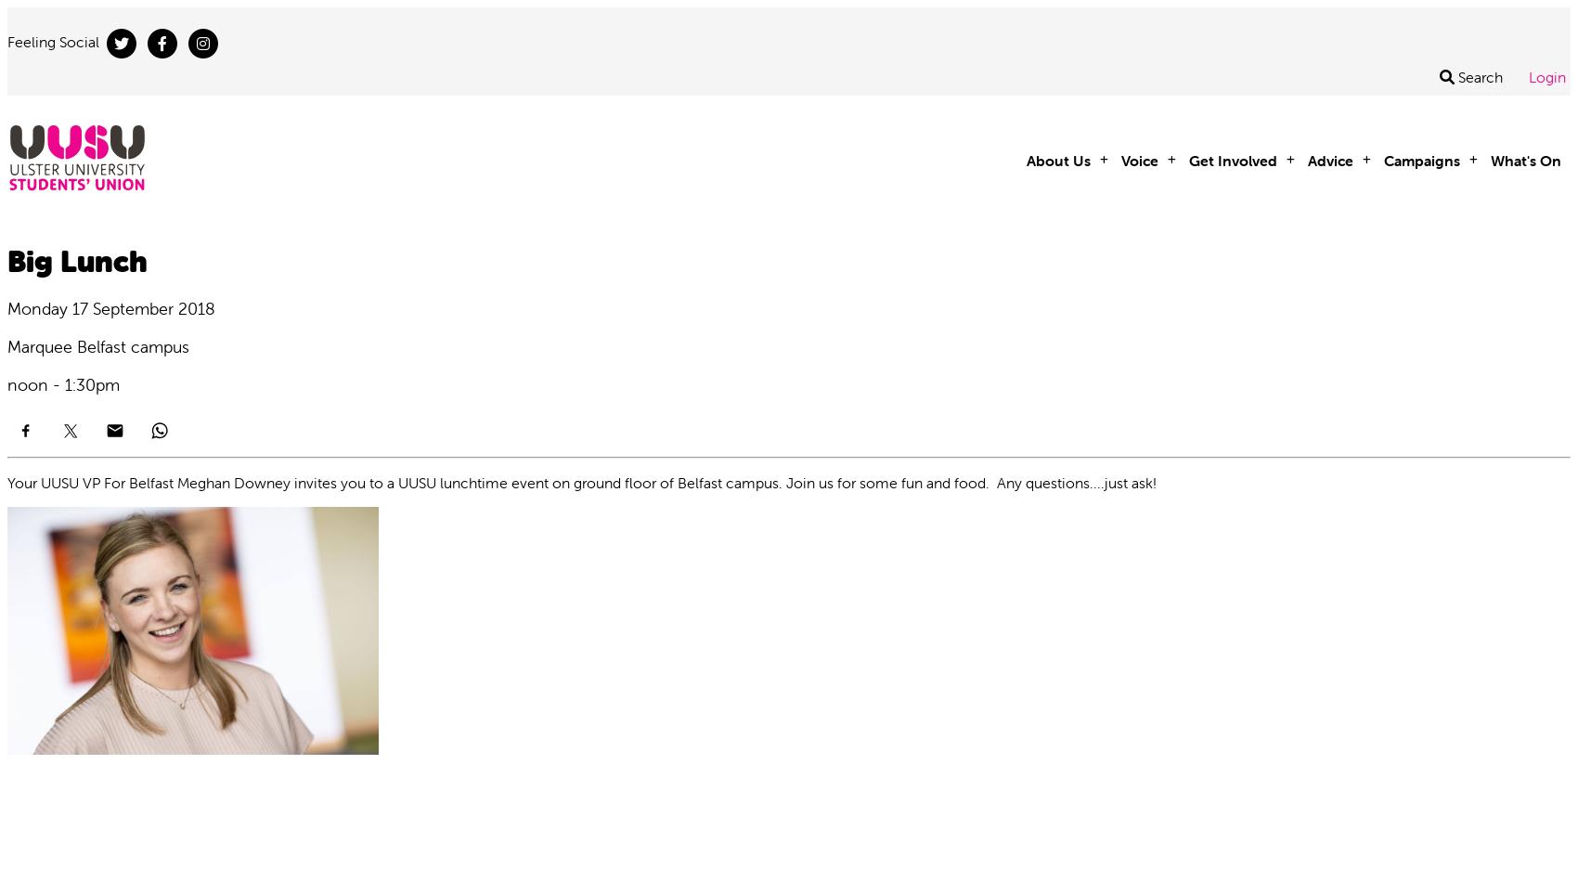 The height and width of the screenshot is (894, 1578). Describe the element at coordinates (1058, 160) in the screenshot. I see `'About Us'` at that location.